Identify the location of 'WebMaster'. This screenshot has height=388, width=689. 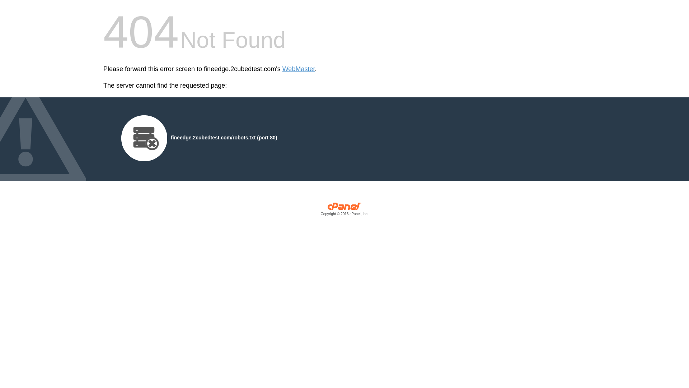
(299, 69).